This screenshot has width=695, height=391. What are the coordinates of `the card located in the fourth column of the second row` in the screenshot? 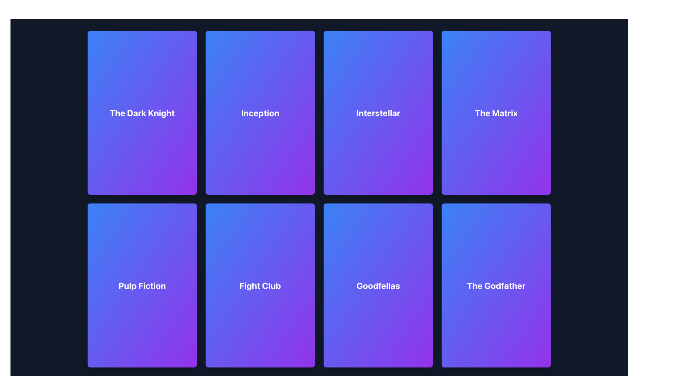 It's located at (496, 285).